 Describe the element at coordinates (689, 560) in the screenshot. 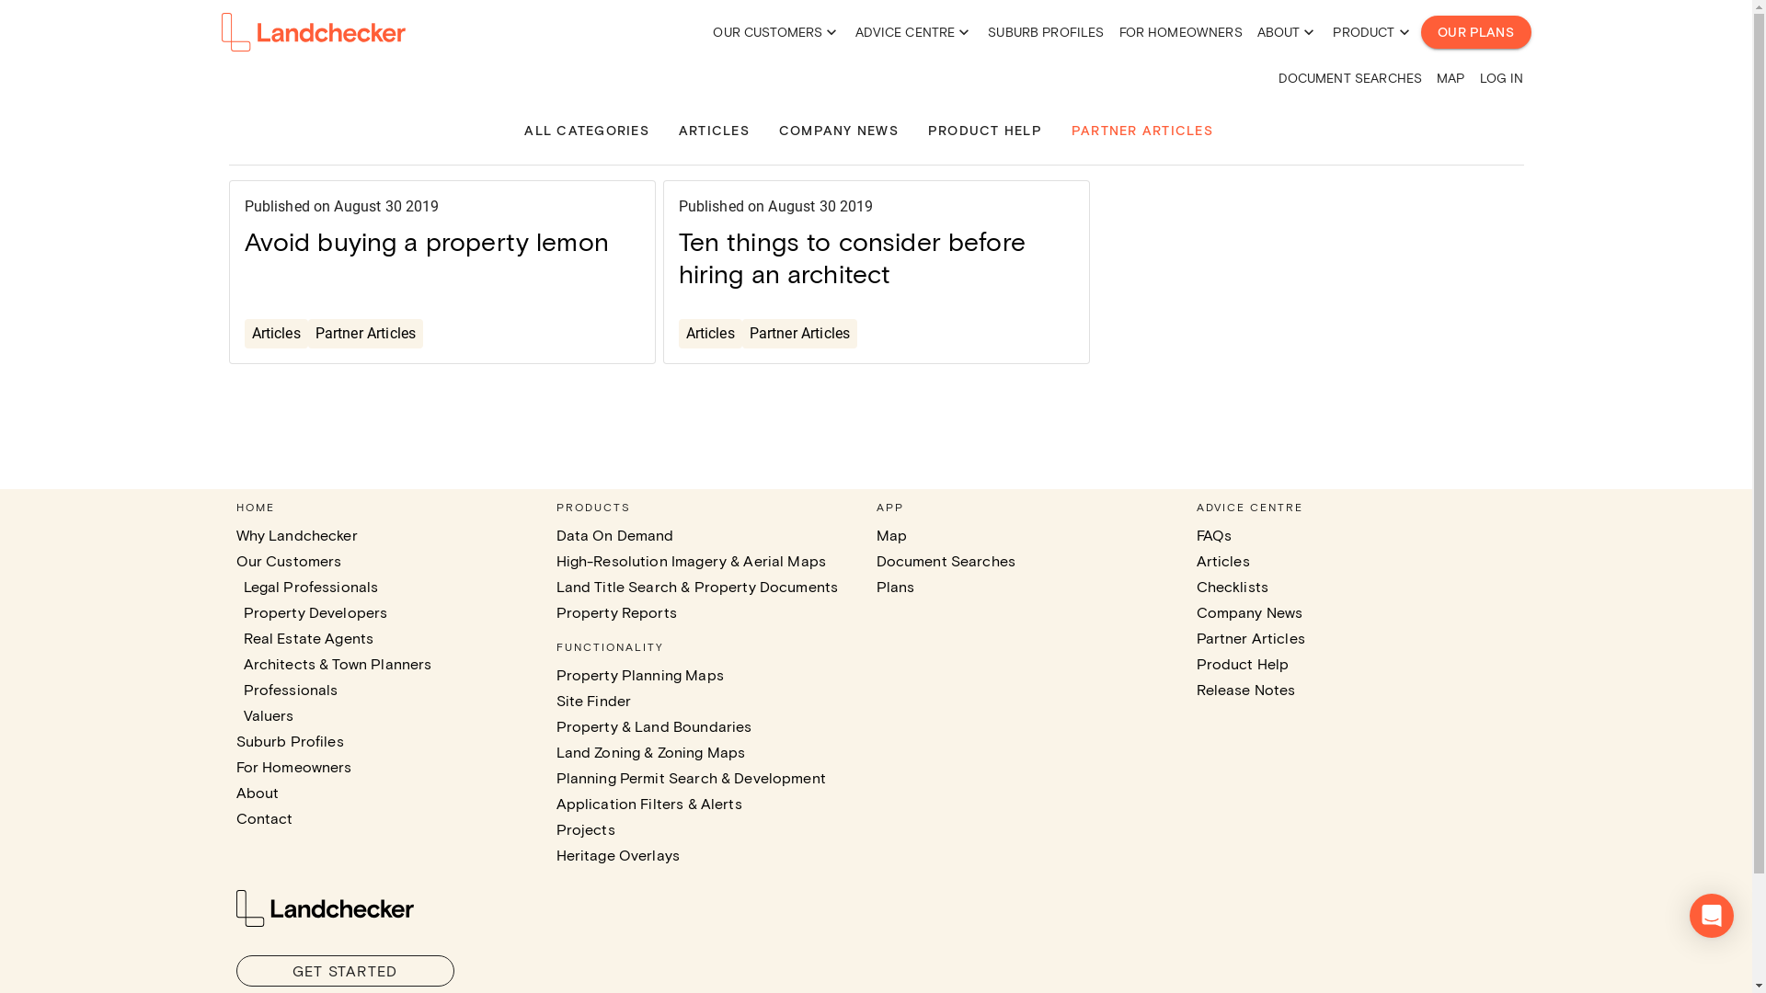

I see `'High-Resolution Imagery & Aerial Maps'` at that location.